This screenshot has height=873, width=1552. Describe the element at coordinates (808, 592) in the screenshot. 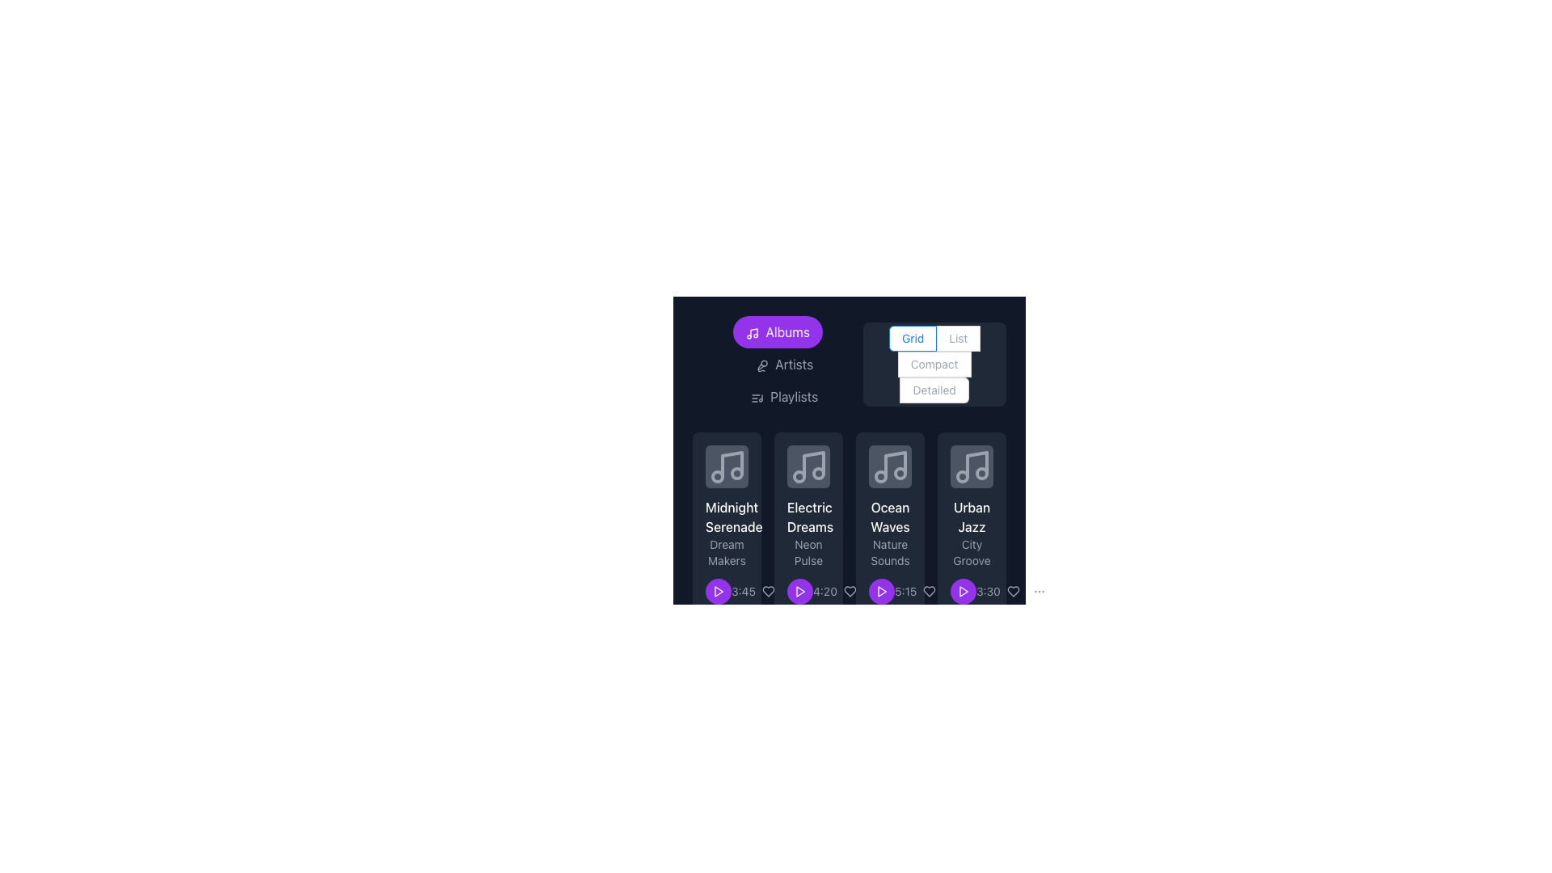

I see `the static text label that indicates the duration of the media item on the 'Electric Dreams' card, located at the bottom right corner next to the purple play button` at that location.